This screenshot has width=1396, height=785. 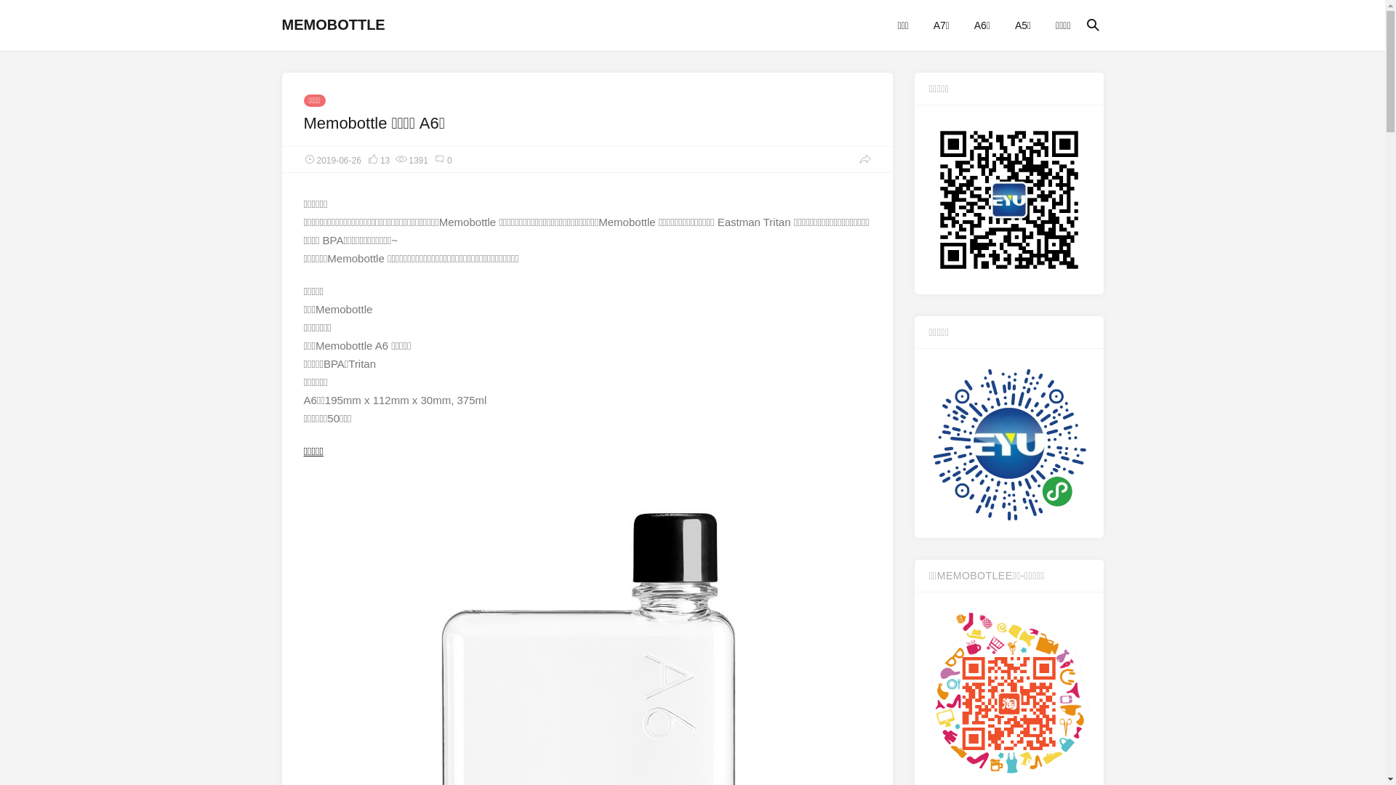 What do you see at coordinates (282, 25) in the screenshot?
I see `'MEMOBOTTLE'` at bounding box center [282, 25].